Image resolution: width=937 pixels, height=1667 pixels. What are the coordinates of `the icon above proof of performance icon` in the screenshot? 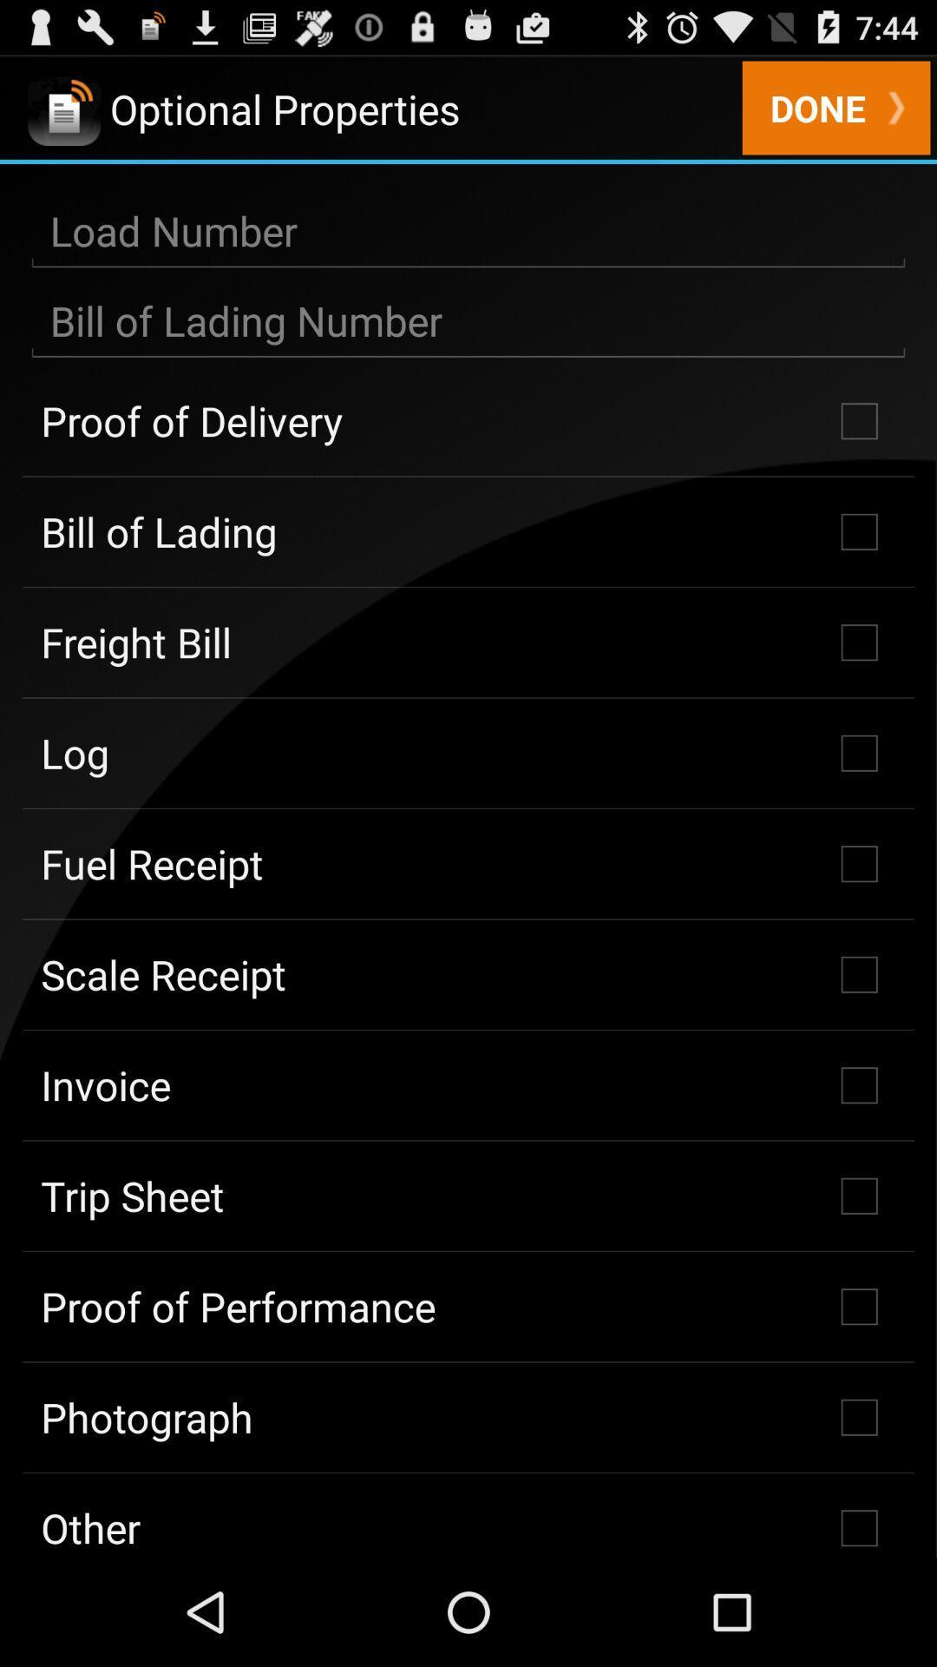 It's located at (468, 1195).